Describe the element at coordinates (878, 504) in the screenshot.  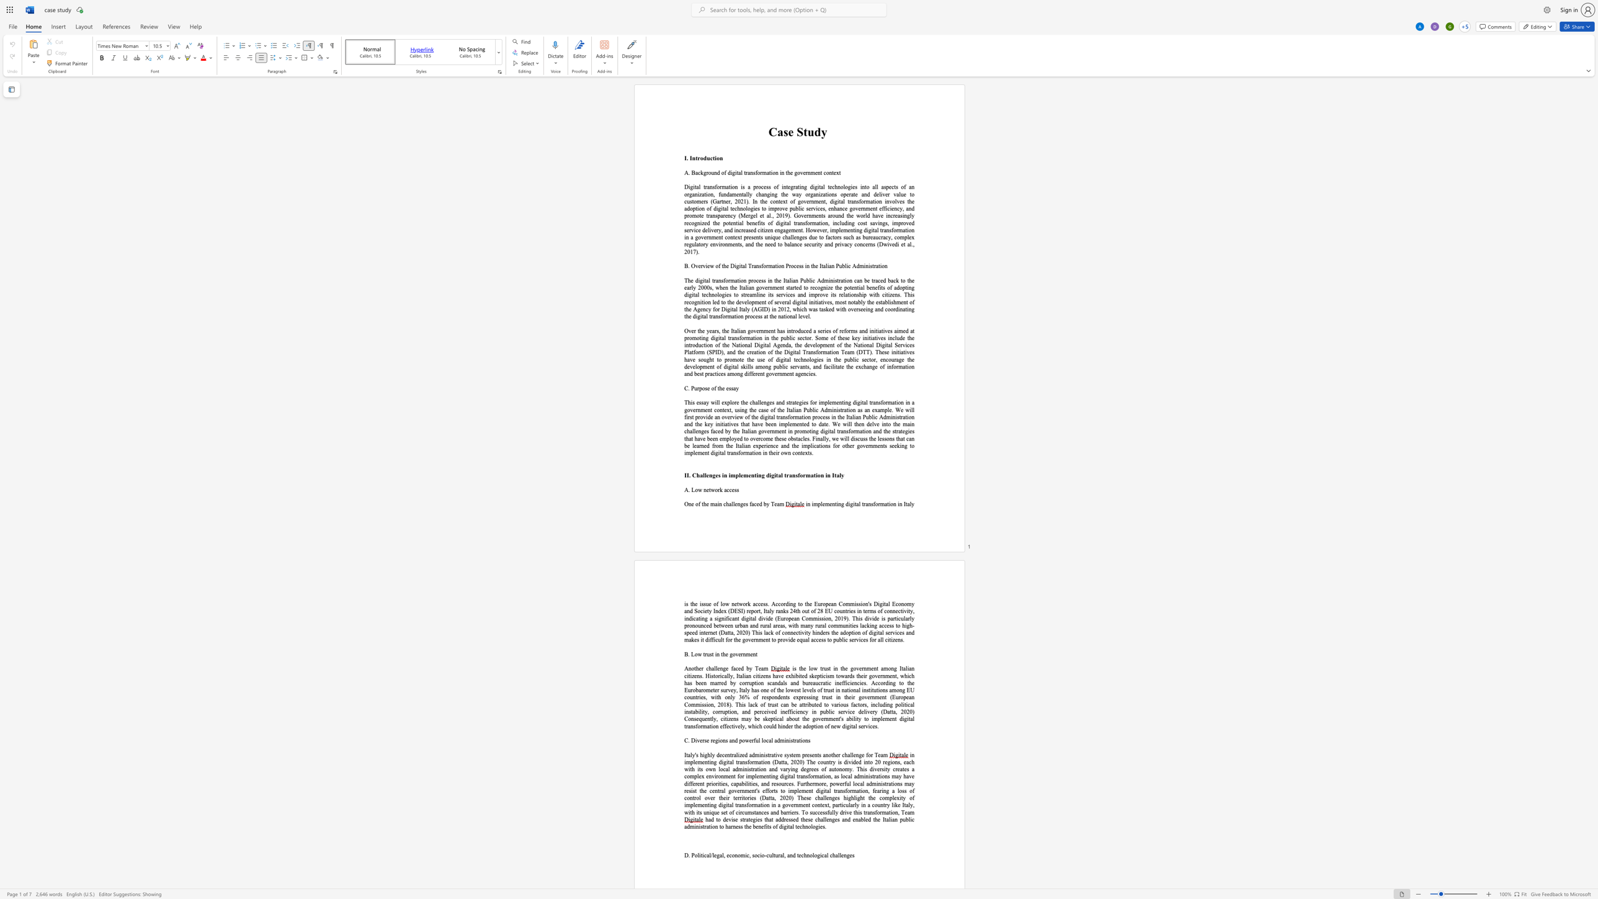
I see `the space between the continuous character "o" and "r" in the text` at that location.